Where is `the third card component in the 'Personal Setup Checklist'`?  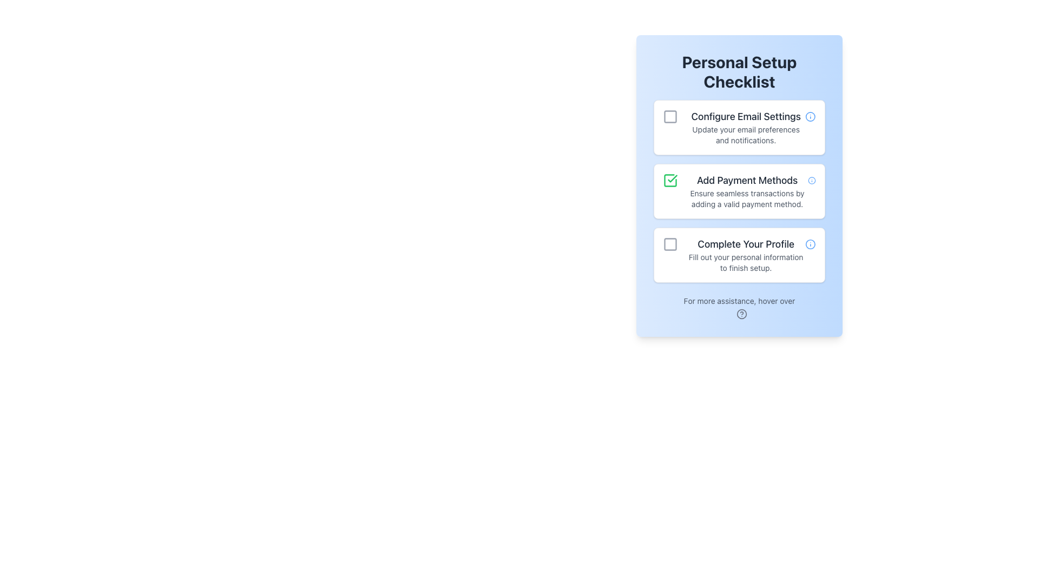 the third card component in the 'Personal Setup Checklist' is located at coordinates (739, 255).